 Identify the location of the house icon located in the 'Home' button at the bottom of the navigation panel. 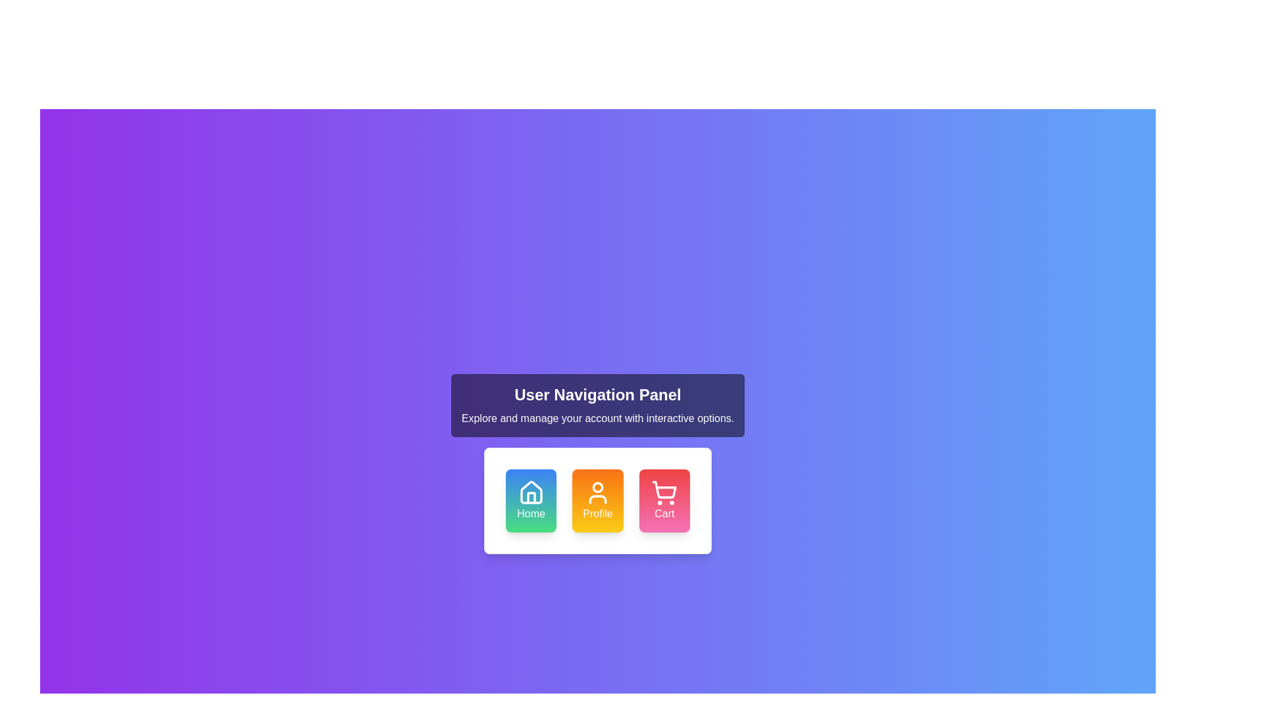
(531, 492).